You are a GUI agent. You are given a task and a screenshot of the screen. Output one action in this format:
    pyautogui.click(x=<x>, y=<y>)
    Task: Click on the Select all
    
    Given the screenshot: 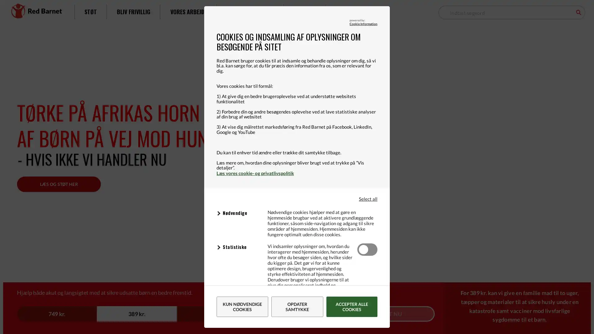 What is the action you would take?
    pyautogui.click(x=368, y=198)
    